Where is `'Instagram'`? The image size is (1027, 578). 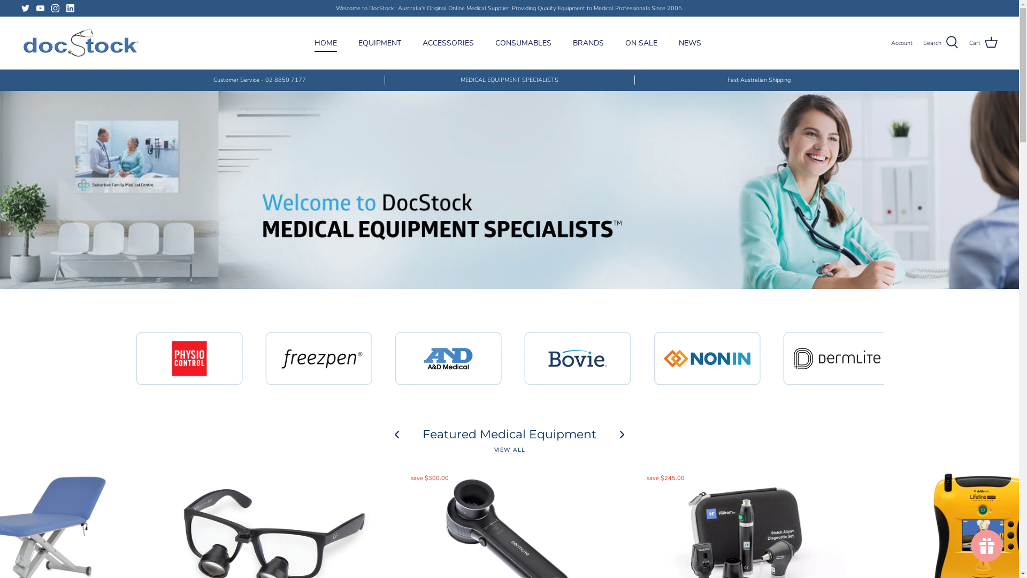 'Instagram' is located at coordinates (55, 8).